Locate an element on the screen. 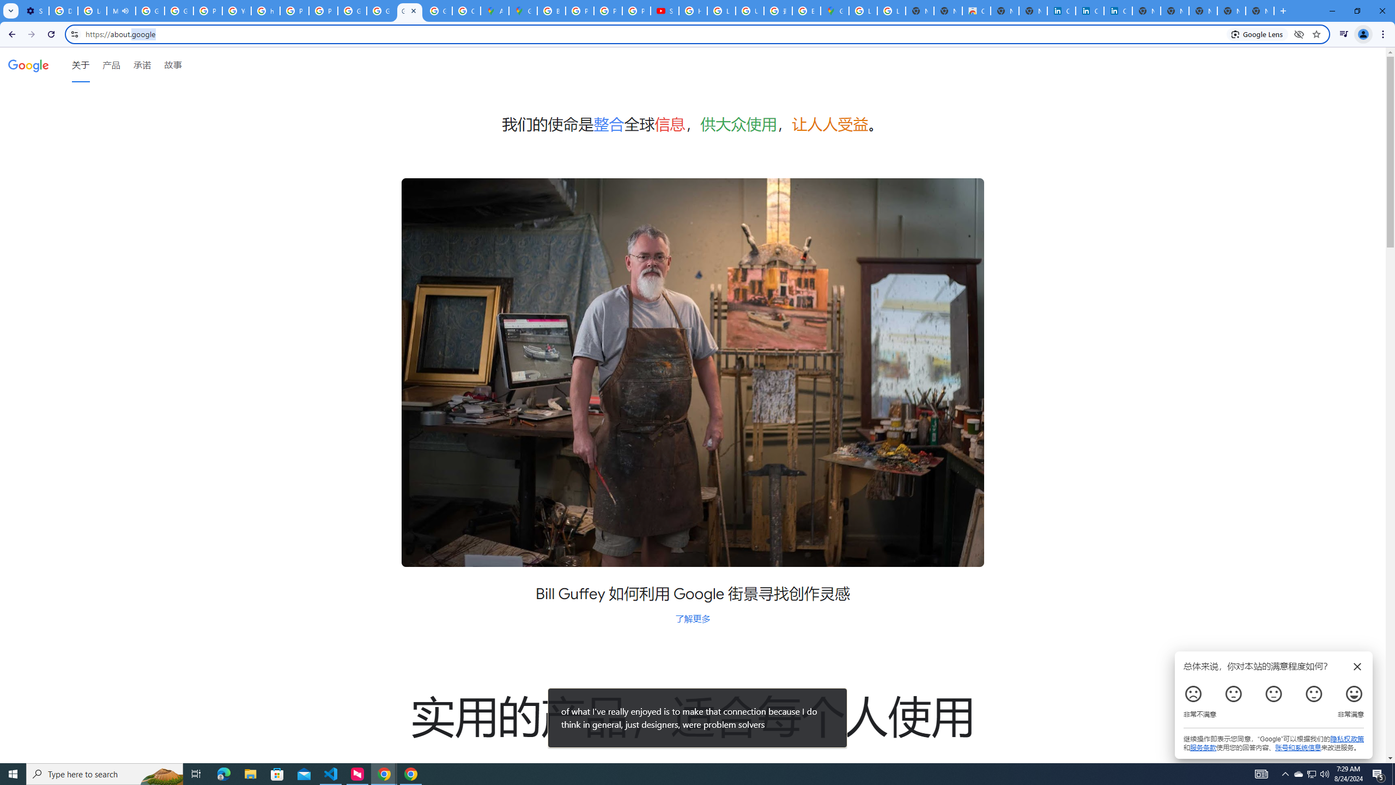 The height and width of the screenshot is (785, 1395). 'Explore new street-level details - Google Maps Help' is located at coordinates (806, 10).